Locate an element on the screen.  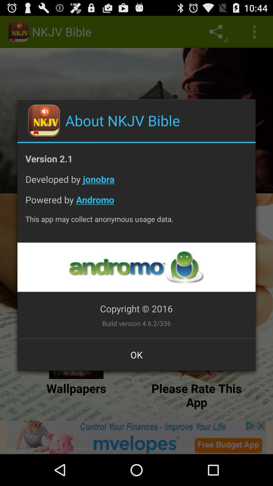
developers logo is located at coordinates (136, 267).